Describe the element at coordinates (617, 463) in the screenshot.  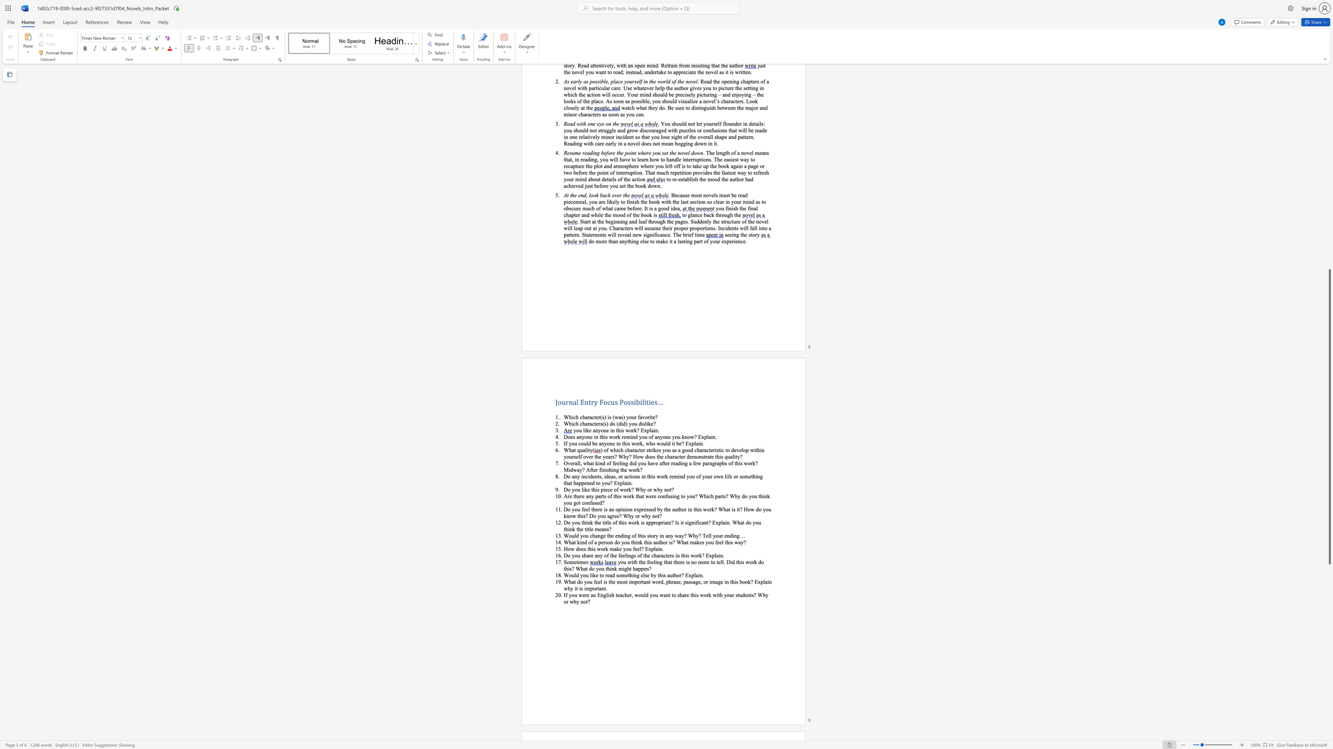
I see `the 3th character "e" in the text` at that location.